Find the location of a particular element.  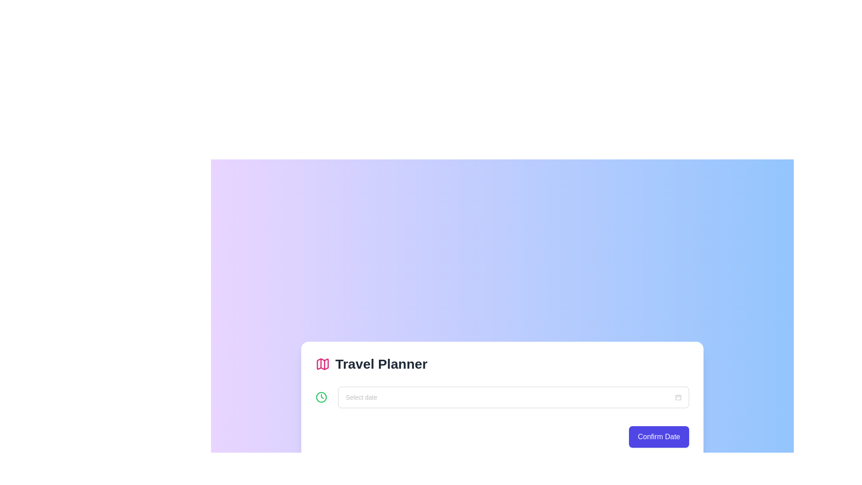

the date-picker trigger icon located to the right of the 'Select date' text input field is located at coordinates (678, 397).